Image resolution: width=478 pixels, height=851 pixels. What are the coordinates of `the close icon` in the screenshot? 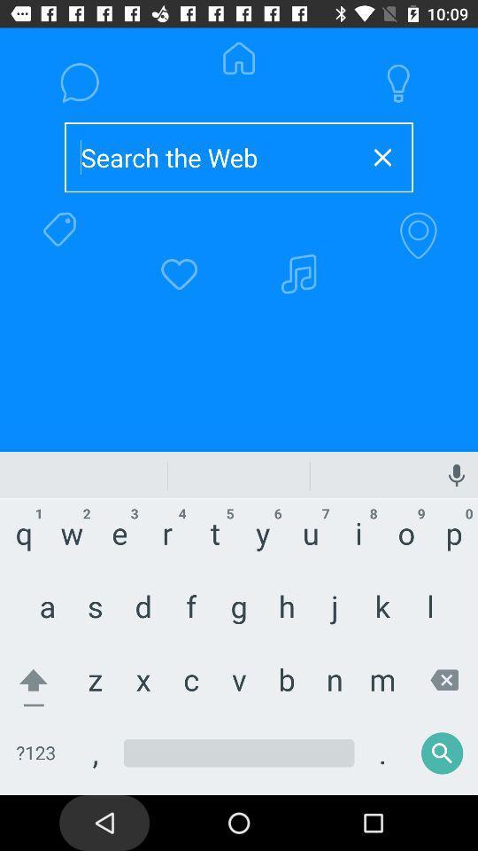 It's located at (382, 156).